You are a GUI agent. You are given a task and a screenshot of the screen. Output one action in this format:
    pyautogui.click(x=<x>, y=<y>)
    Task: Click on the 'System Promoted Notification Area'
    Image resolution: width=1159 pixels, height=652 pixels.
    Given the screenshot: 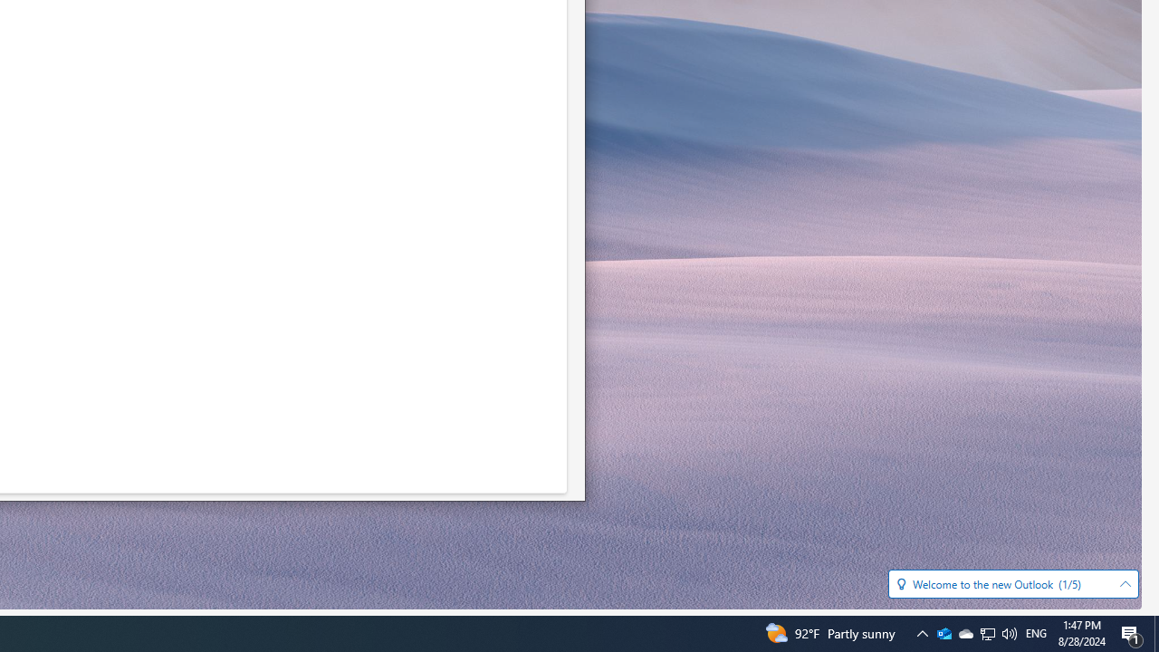 What is the action you would take?
    pyautogui.click(x=943, y=632)
    